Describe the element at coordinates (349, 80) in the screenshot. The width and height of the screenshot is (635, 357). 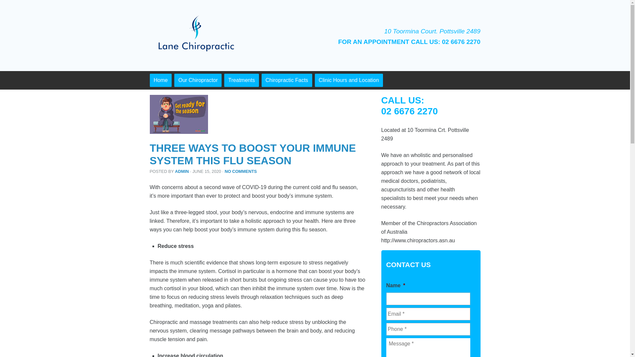
I see `'Clinic Hours and Location'` at that location.